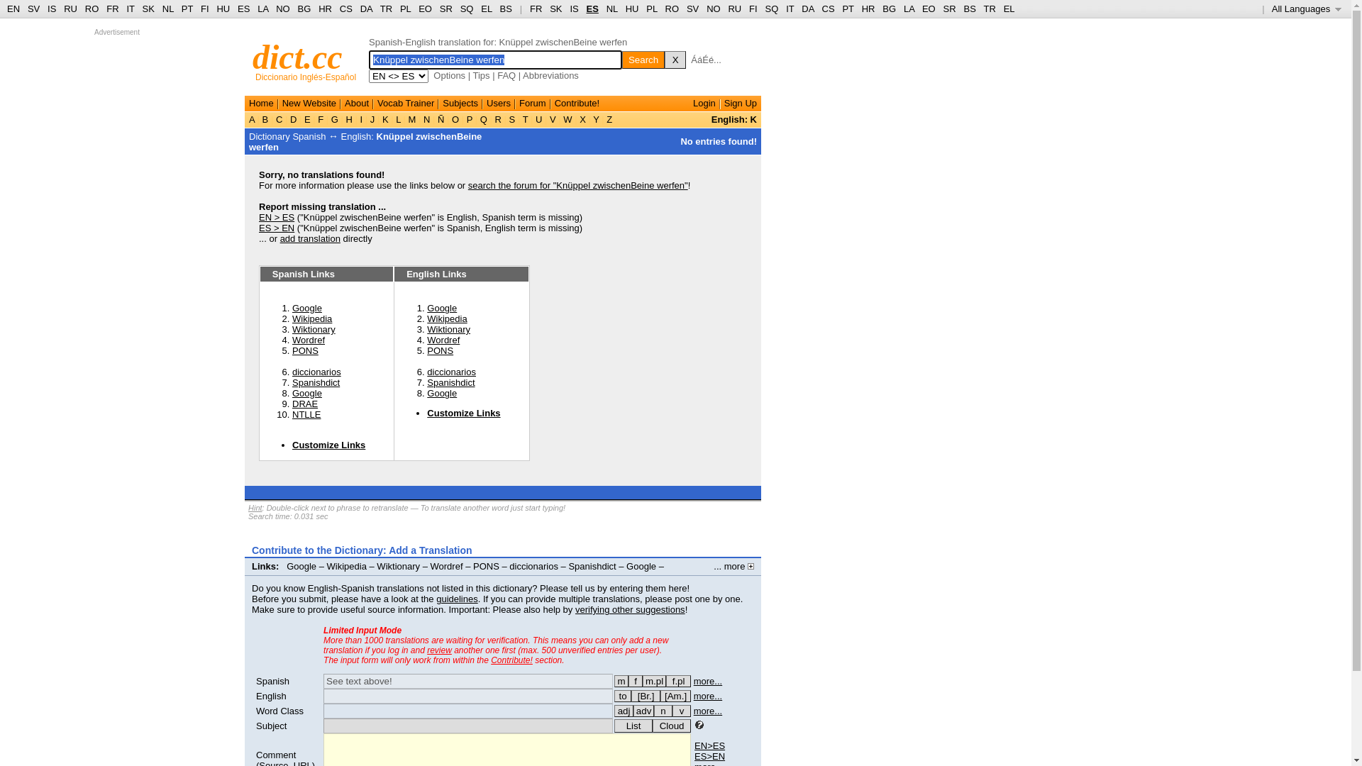 The image size is (1362, 766). I want to click on 'femenino', so click(635, 680).